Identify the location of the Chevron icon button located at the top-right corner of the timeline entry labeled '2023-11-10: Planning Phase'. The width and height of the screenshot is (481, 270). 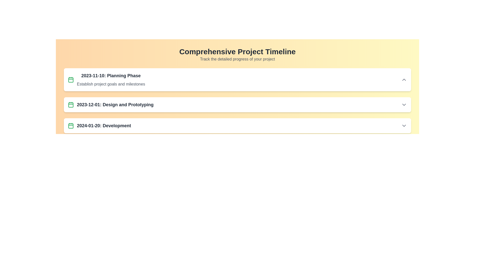
(404, 79).